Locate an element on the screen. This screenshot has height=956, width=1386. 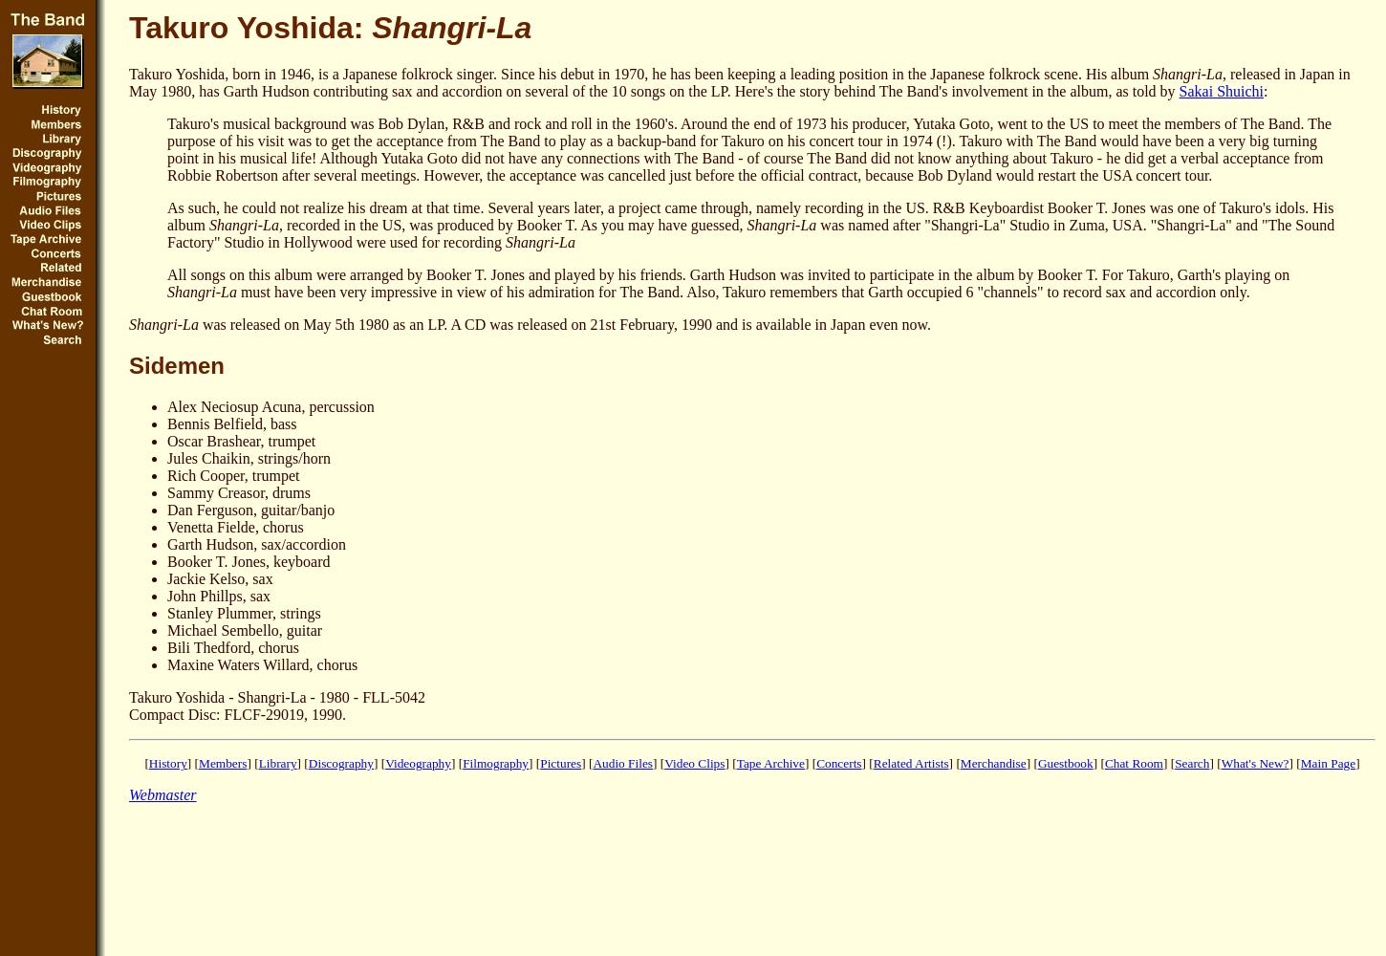
'Pictures' is located at coordinates (540, 763).